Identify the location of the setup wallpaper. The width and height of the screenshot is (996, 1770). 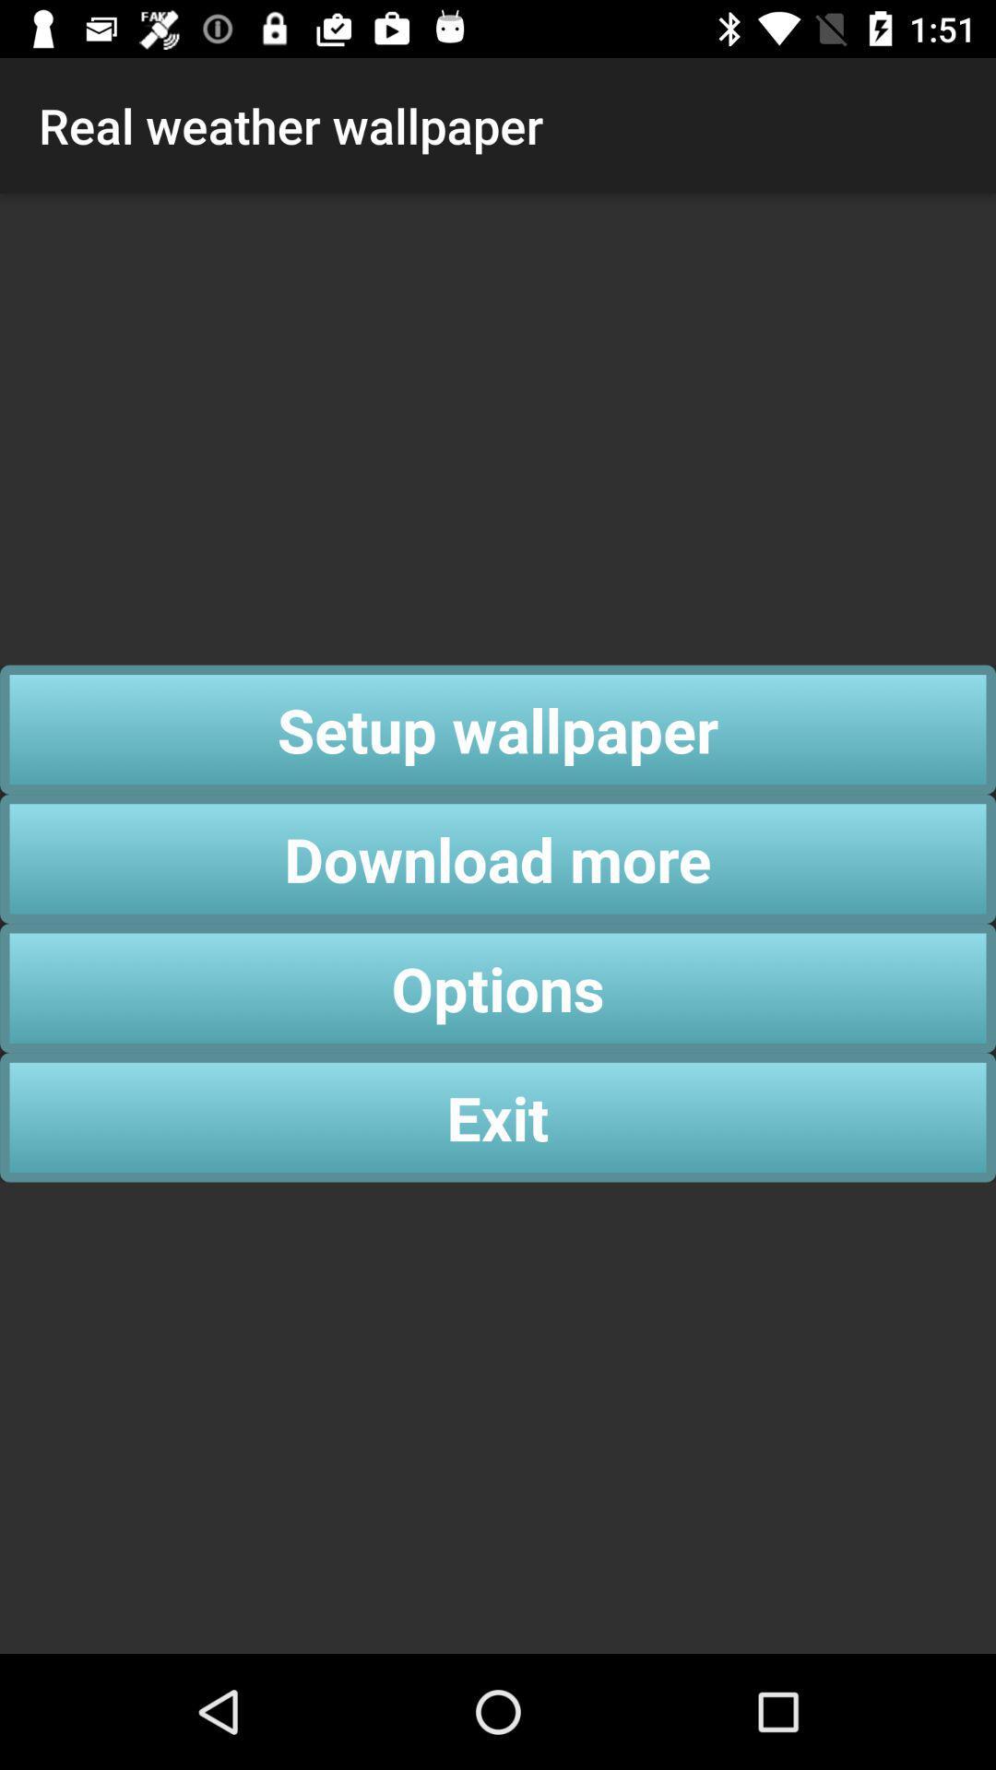
(498, 728).